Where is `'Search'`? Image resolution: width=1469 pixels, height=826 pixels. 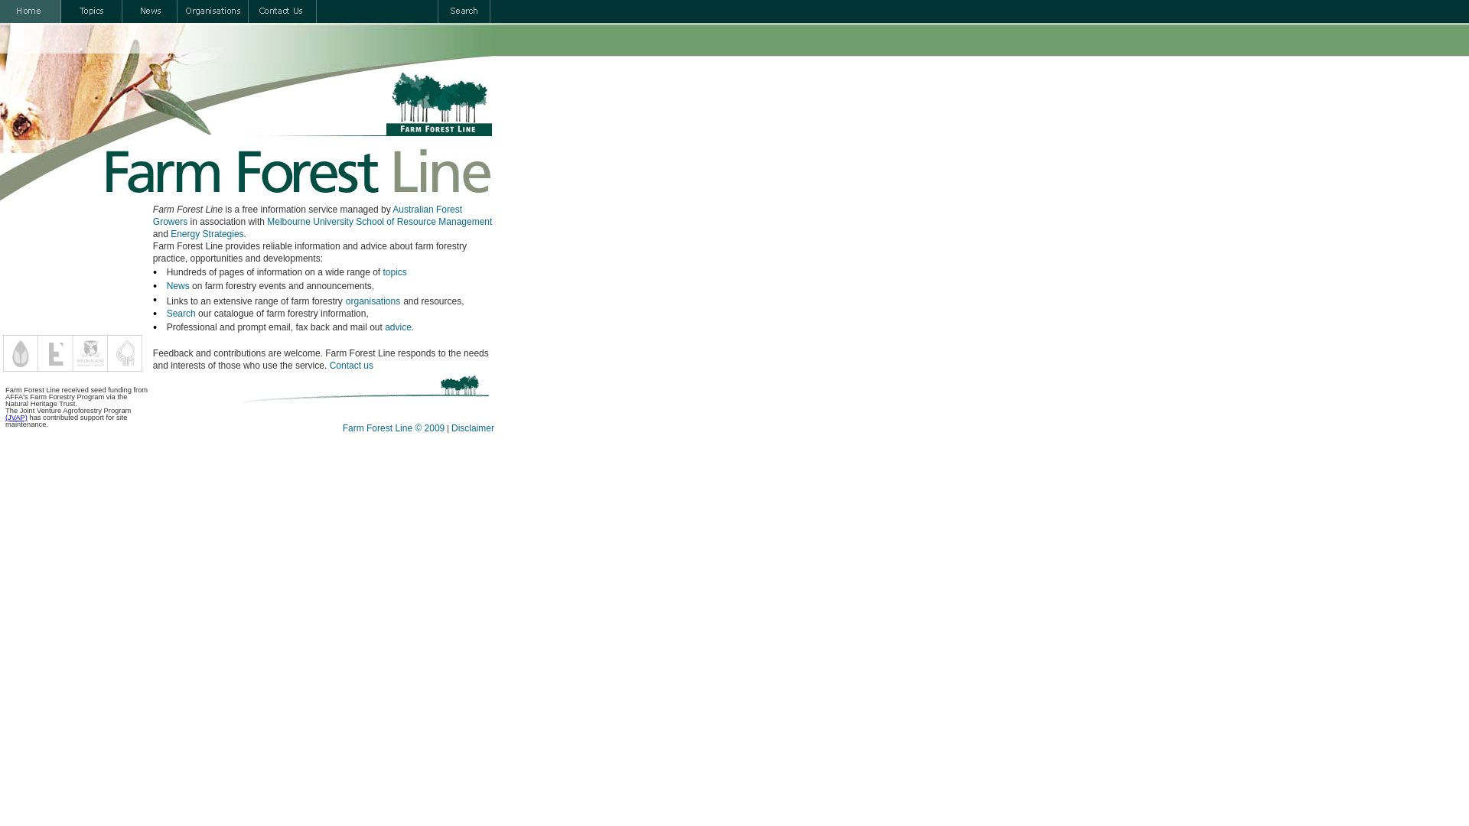 'Search' is located at coordinates (181, 312).